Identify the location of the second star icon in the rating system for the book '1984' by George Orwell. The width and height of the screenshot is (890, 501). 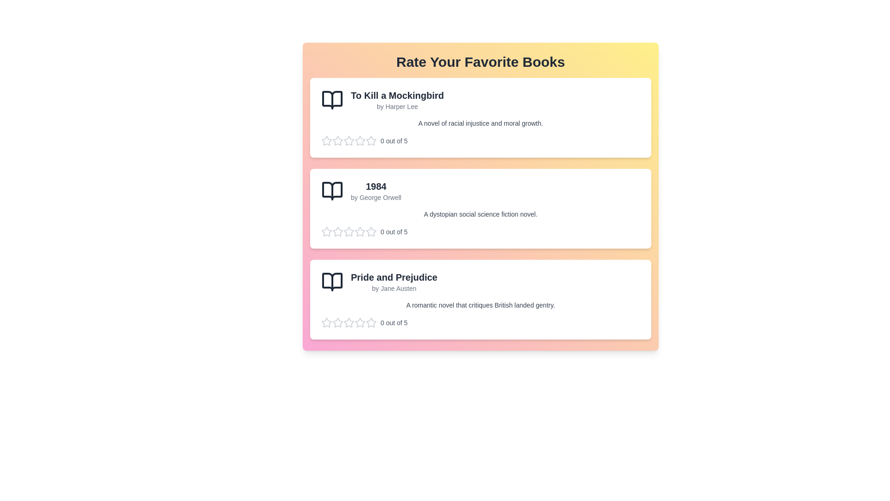
(360, 231).